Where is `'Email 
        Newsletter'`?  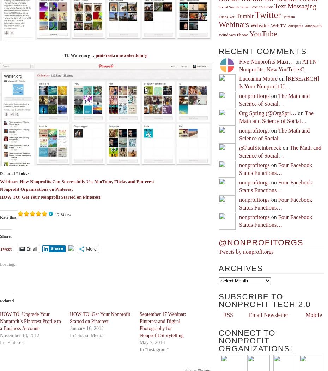
'Email 
        Newsletter' is located at coordinates (268, 314).